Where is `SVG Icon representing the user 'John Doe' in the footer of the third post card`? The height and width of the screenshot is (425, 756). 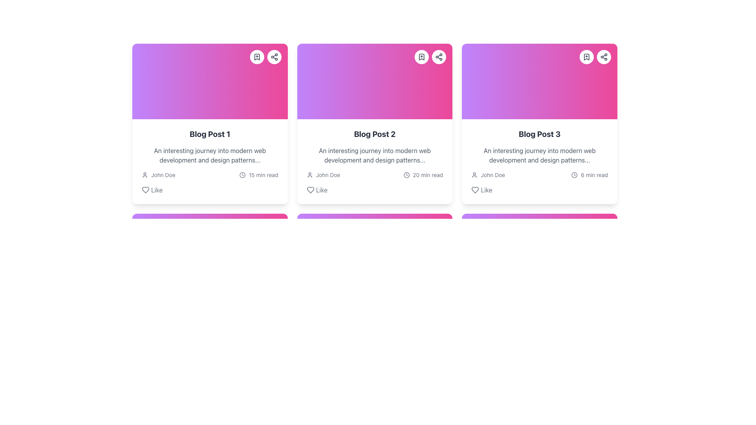
SVG Icon representing the user 'John Doe' in the footer of the third post card is located at coordinates (474, 174).